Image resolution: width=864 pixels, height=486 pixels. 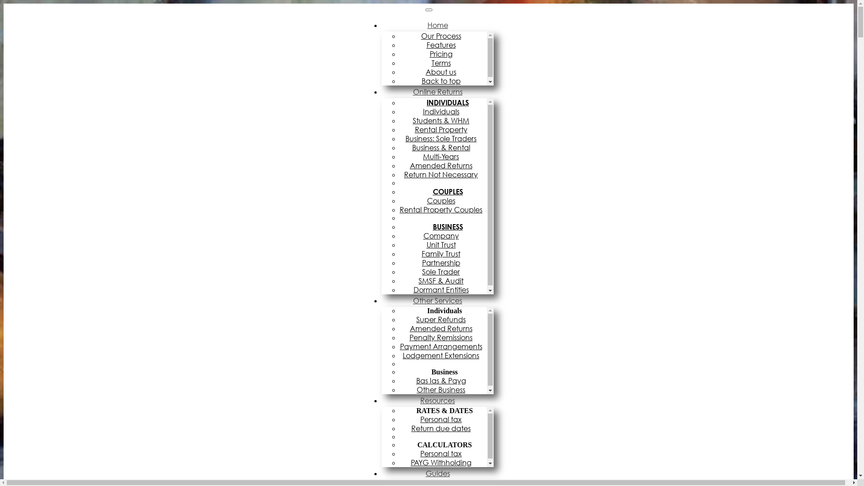 I want to click on 'Back to top', so click(x=443, y=81).